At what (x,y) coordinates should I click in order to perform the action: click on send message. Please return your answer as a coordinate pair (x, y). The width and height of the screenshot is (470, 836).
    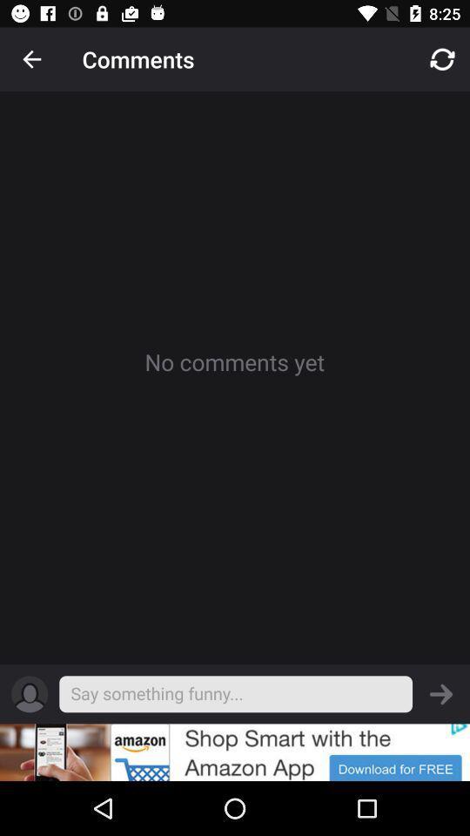
    Looking at the image, I should click on (441, 694).